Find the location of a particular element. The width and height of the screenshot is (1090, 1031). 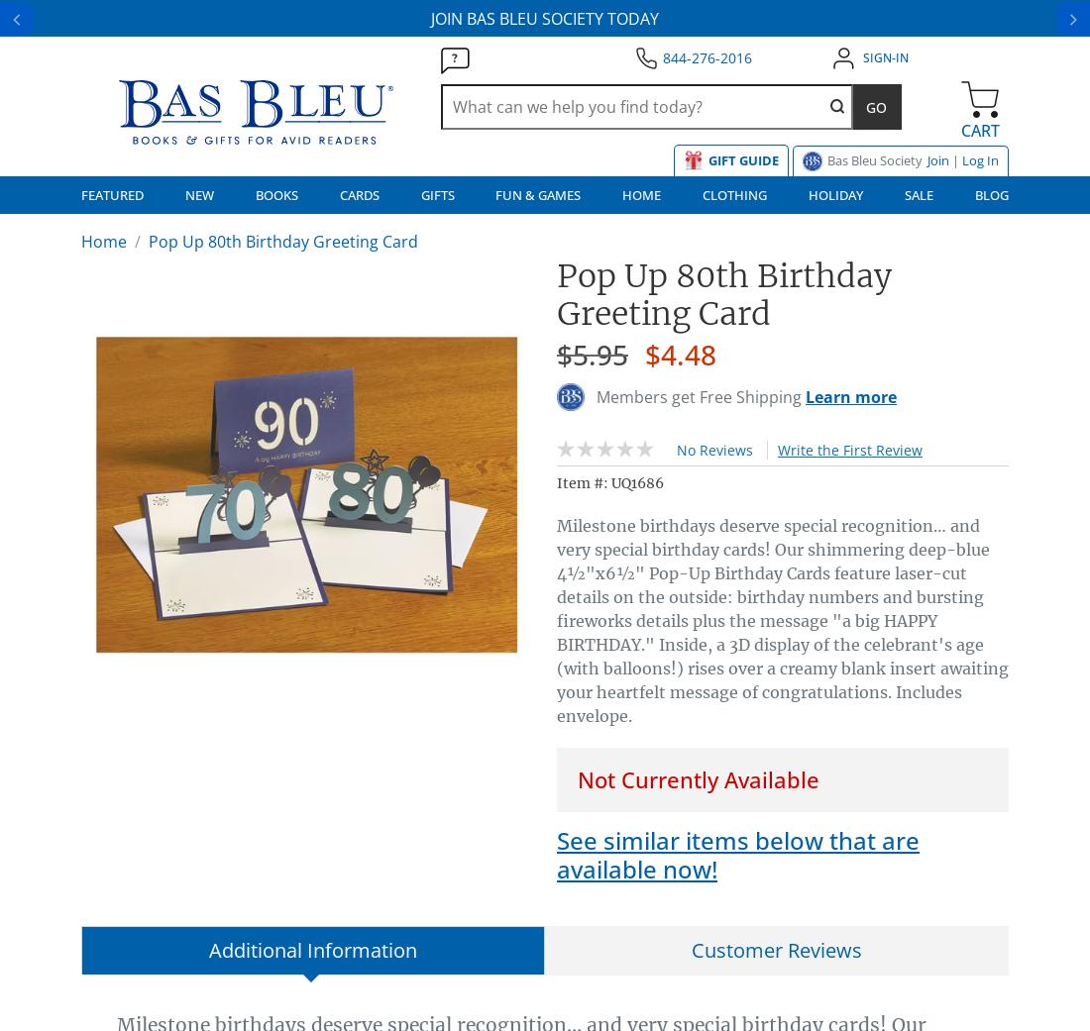

'Notice at Collection' is located at coordinates (153, 485).